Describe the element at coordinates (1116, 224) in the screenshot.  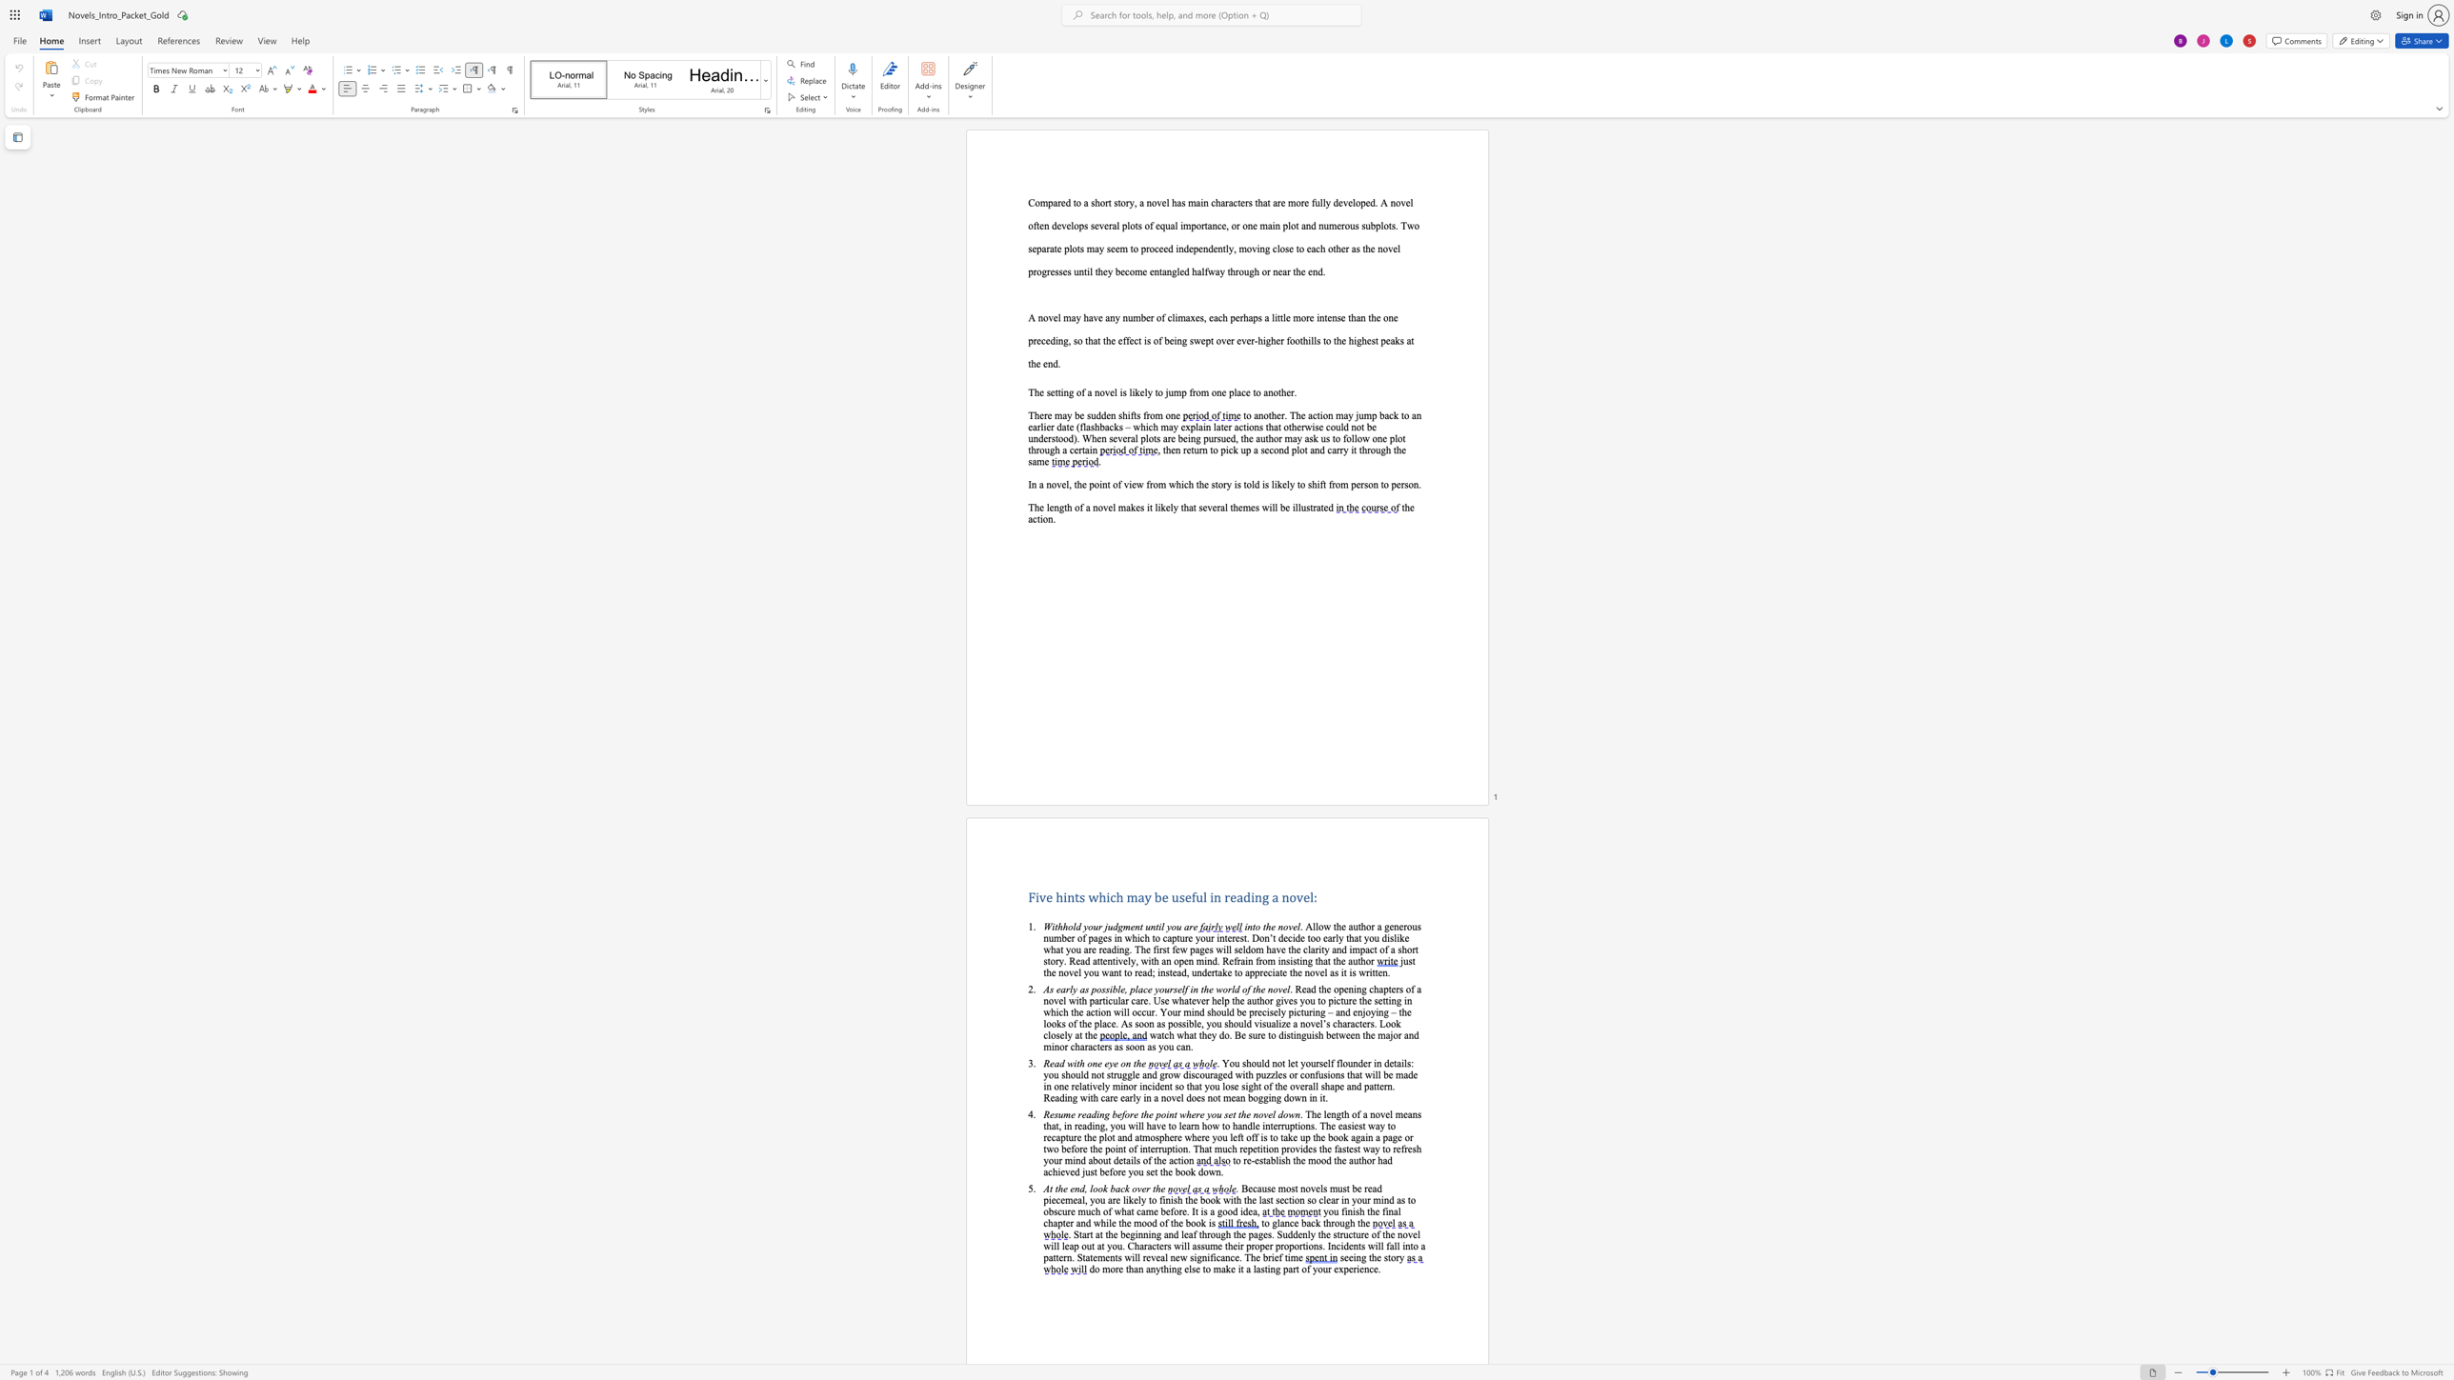
I see `the 7th character "l" in the text` at that location.